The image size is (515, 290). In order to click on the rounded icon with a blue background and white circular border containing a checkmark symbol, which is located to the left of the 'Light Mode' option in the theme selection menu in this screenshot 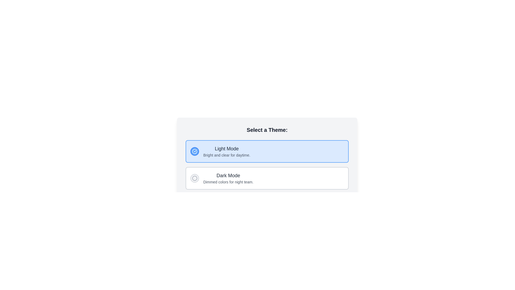, I will do `click(194, 151)`.